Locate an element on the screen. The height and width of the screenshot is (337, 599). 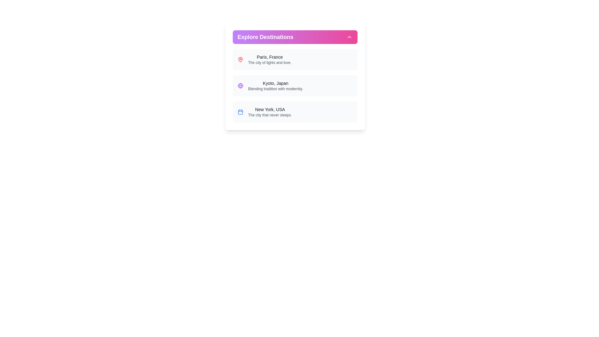
the static text component displaying 'Kyoto, Japan' and 'Blending tradition with modernity' located in the middle of the content box under the 'Explore Destinations' section is located at coordinates (275, 85).